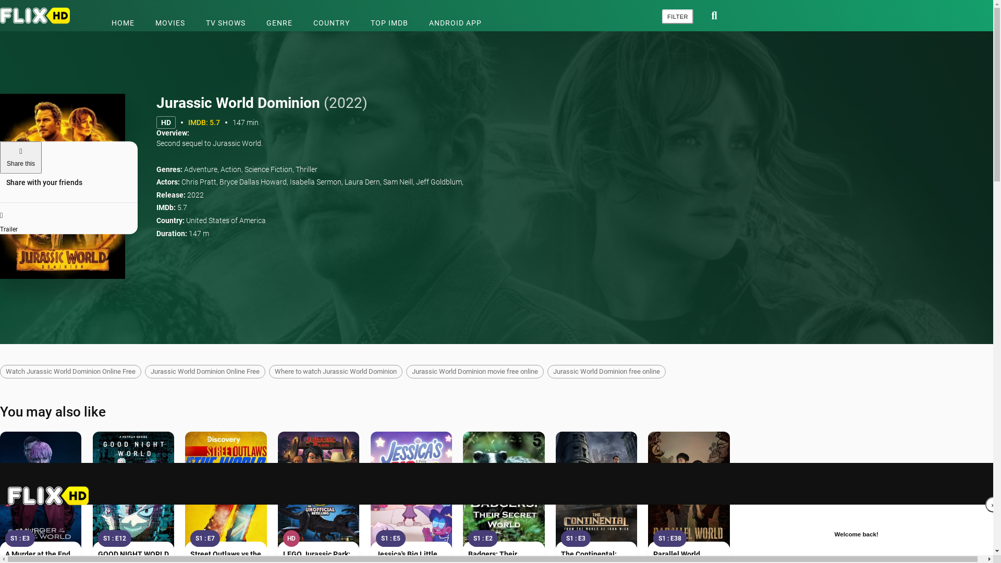  I want to click on 'COUNTRY', so click(331, 22).